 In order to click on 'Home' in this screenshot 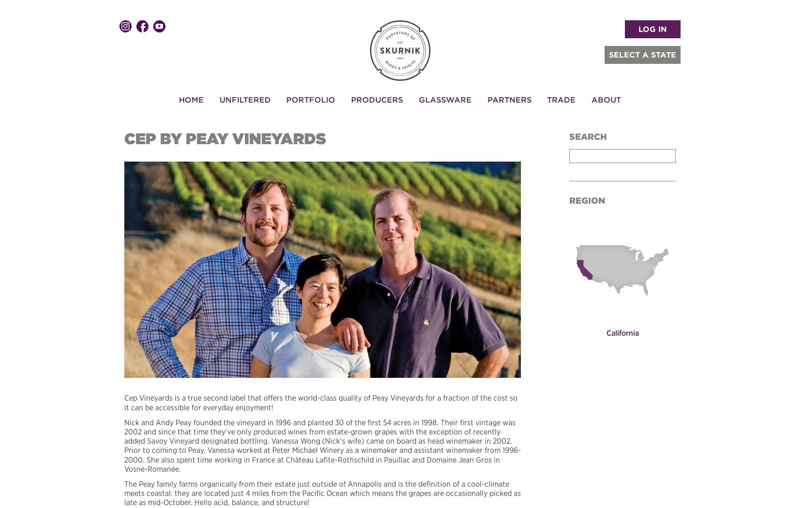, I will do `click(190, 98)`.